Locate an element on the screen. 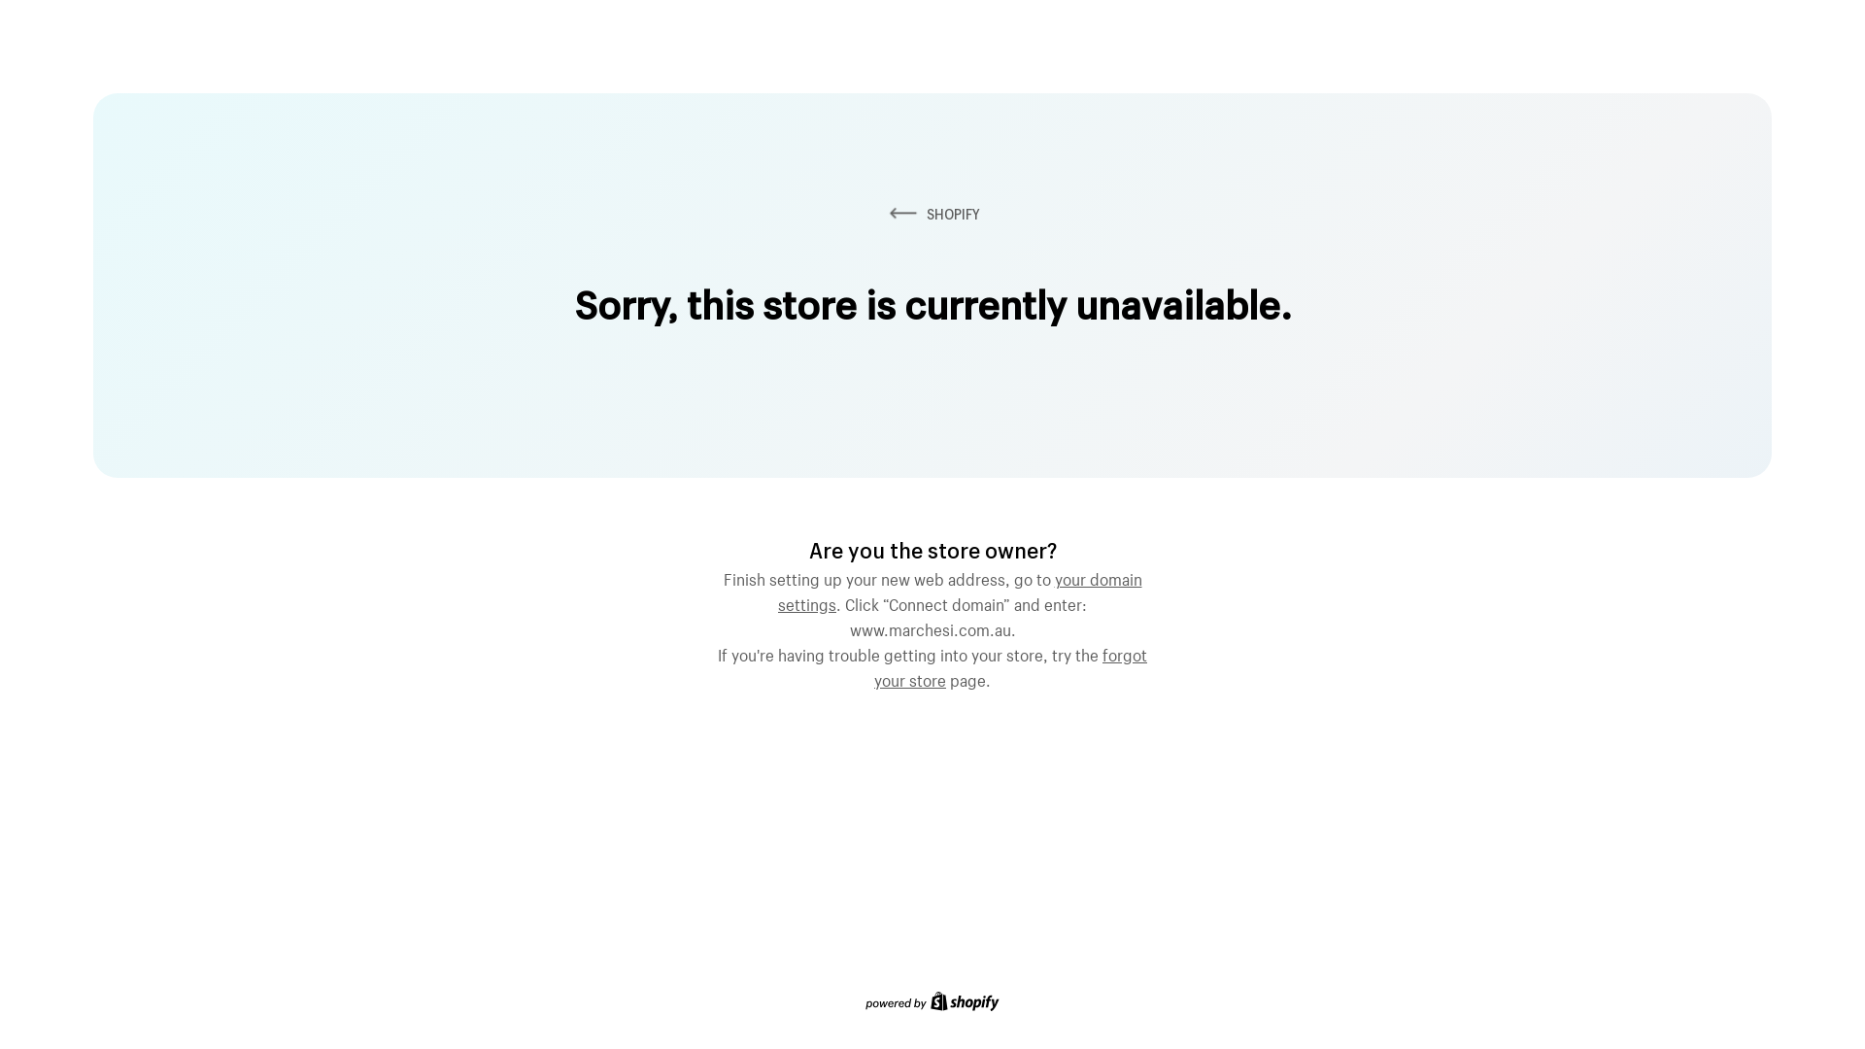 The image size is (1865, 1049). 'forgot your store' is located at coordinates (1010, 664).